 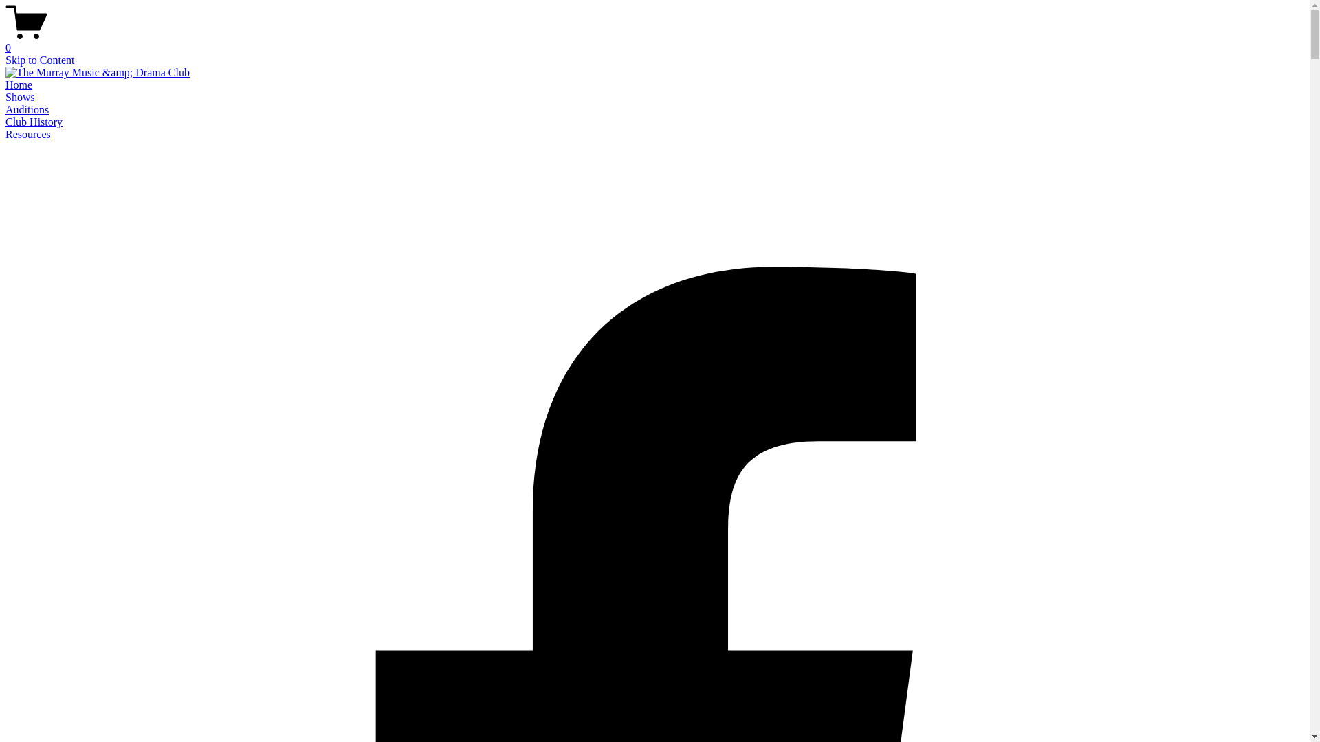 I want to click on 'Shows', so click(x=20, y=96).